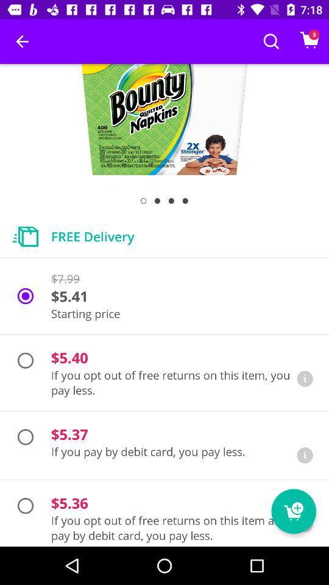 The image size is (329, 585). Describe the element at coordinates (304, 455) in the screenshot. I see `information` at that location.